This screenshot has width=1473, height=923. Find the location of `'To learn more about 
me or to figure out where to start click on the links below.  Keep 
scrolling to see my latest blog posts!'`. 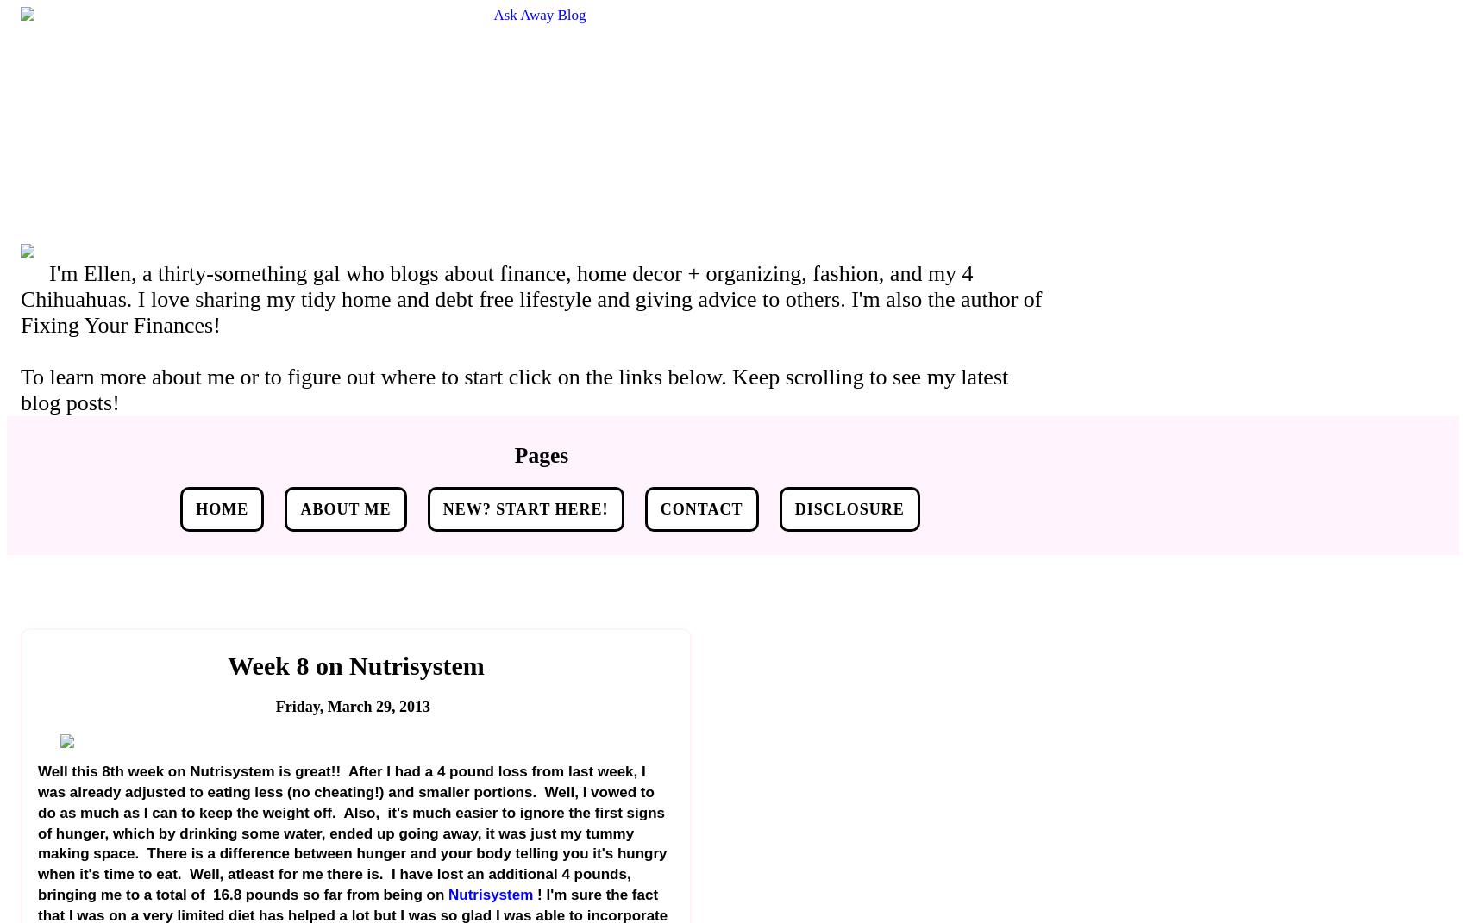

'To learn more about 
me or to figure out where to start click on the links below.  Keep 
scrolling to see my latest blog posts!' is located at coordinates (21, 390).